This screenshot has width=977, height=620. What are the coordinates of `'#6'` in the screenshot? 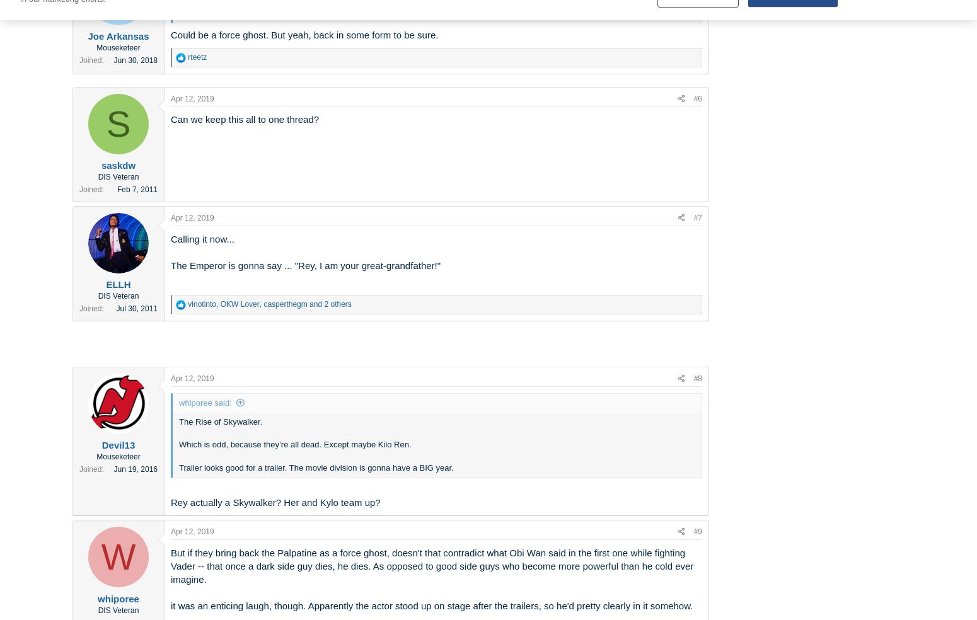 It's located at (697, 98).